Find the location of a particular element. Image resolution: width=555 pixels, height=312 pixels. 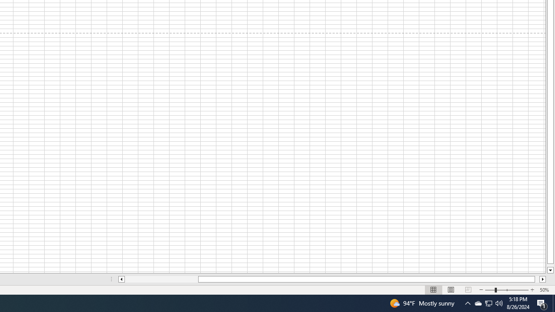

'Page left' is located at coordinates (161, 279).